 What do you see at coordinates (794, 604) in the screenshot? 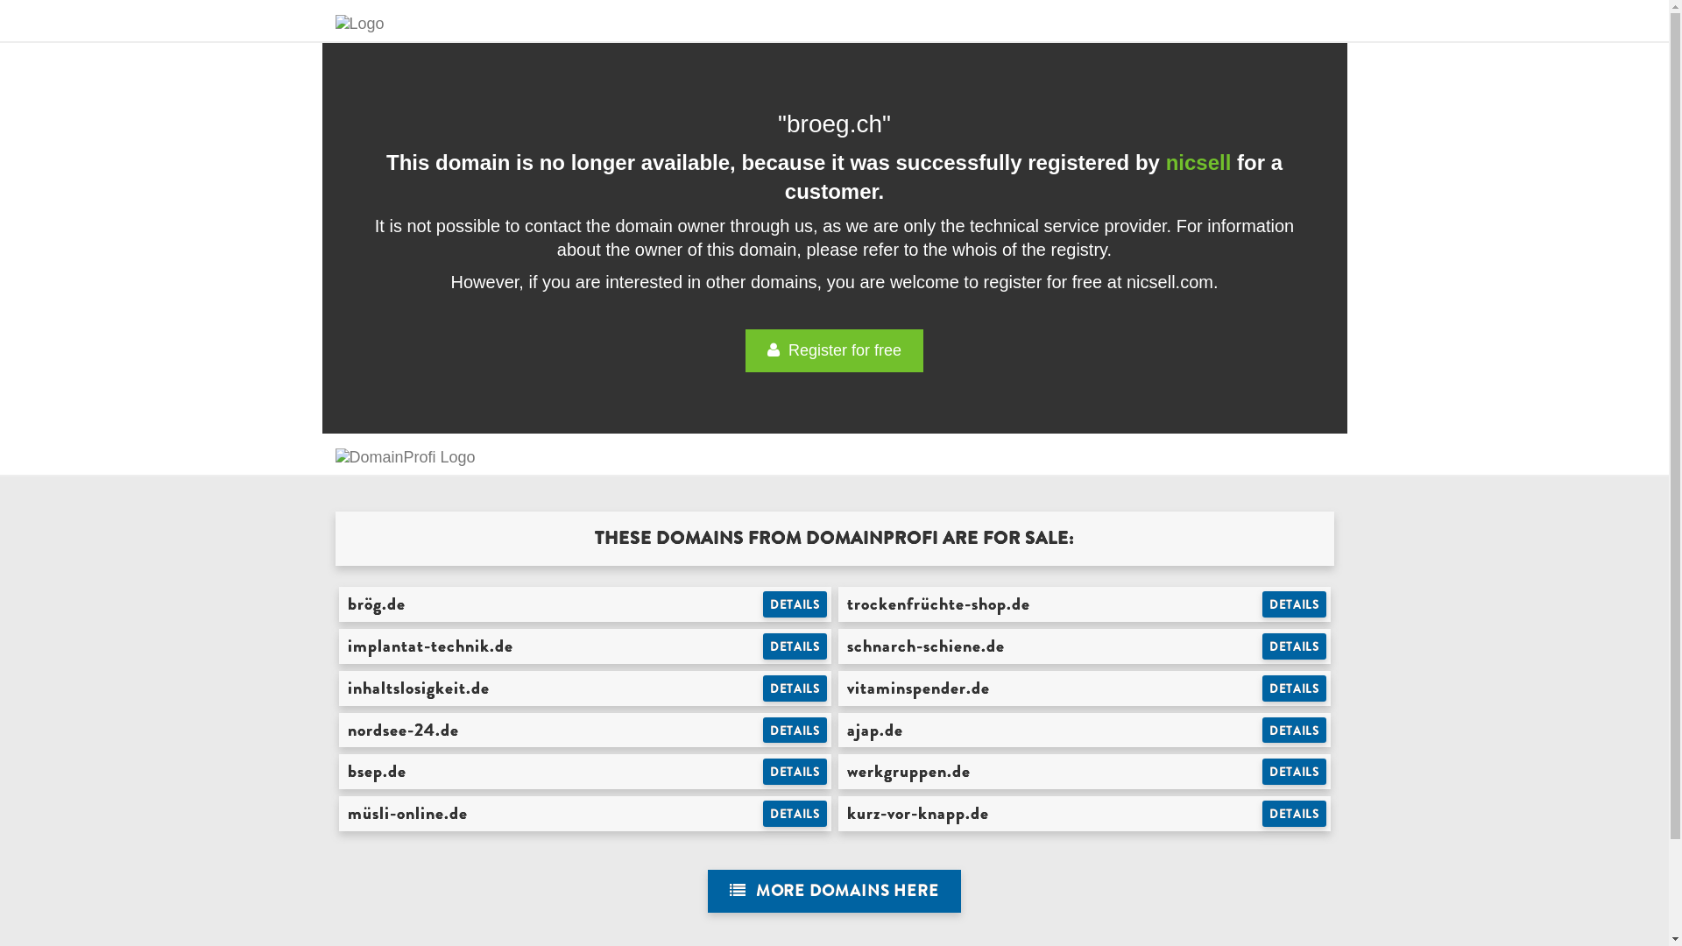
I see `'DETAILS'` at bounding box center [794, 604].